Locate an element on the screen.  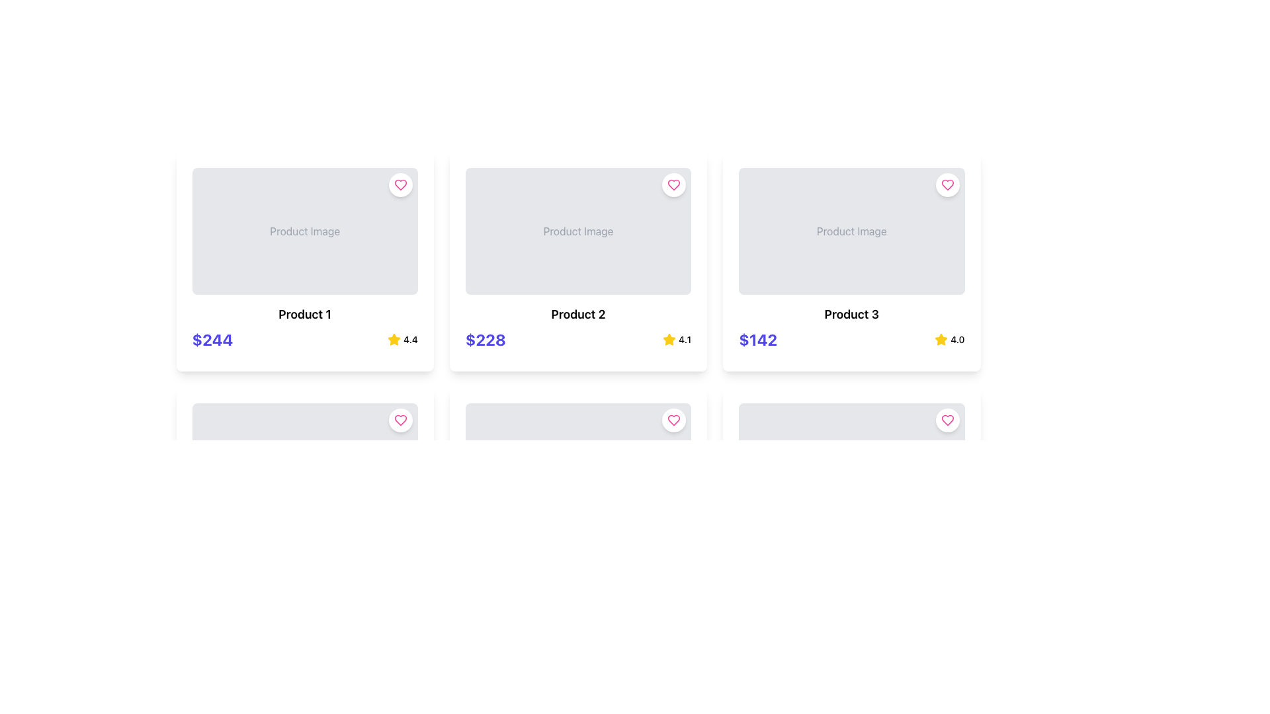
the light-gray rectangular image placeholder labeled 'Product Image' at the top center of the product card for 'Product 1' is located at coordinates (304, 231).